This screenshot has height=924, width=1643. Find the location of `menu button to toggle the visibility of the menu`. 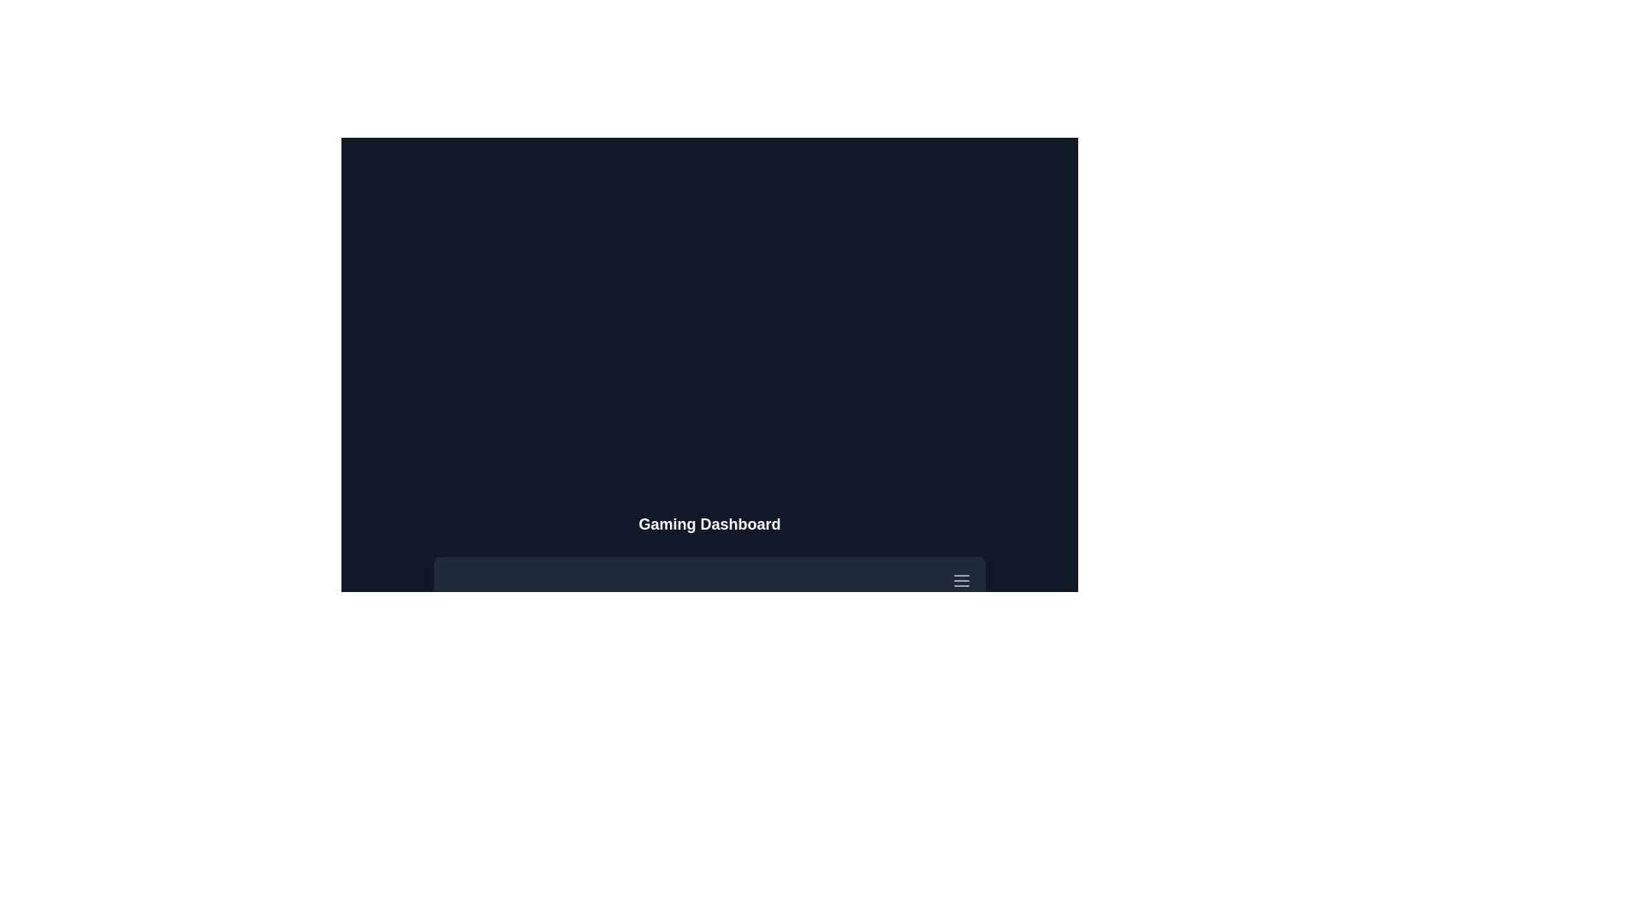

menu button to toggle the visibility of the menu is located at coordinates (962, 579).